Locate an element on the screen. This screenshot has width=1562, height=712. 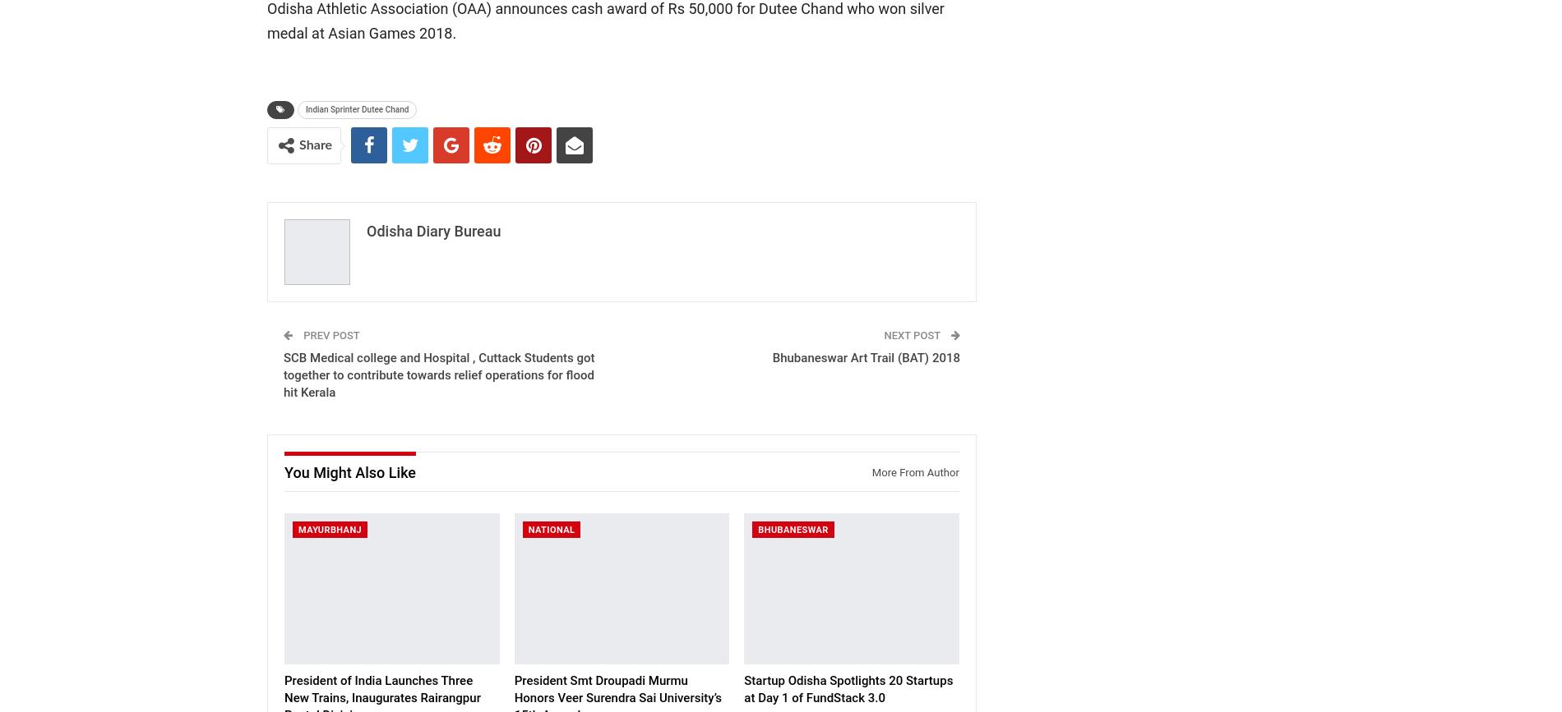
'SCB Medical college and Hospital , Cuttack Students got together to contribute towards relief operations for flood hit Kerala' is located at coordinates (439, 374).